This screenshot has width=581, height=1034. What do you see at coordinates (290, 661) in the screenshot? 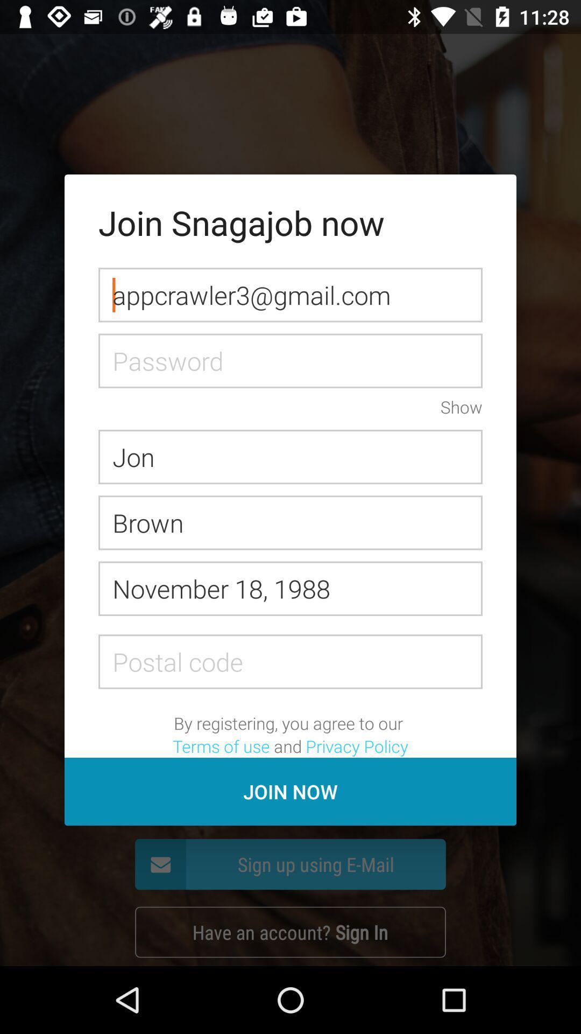
I see `advertisement` at bounding box center [290, 661].